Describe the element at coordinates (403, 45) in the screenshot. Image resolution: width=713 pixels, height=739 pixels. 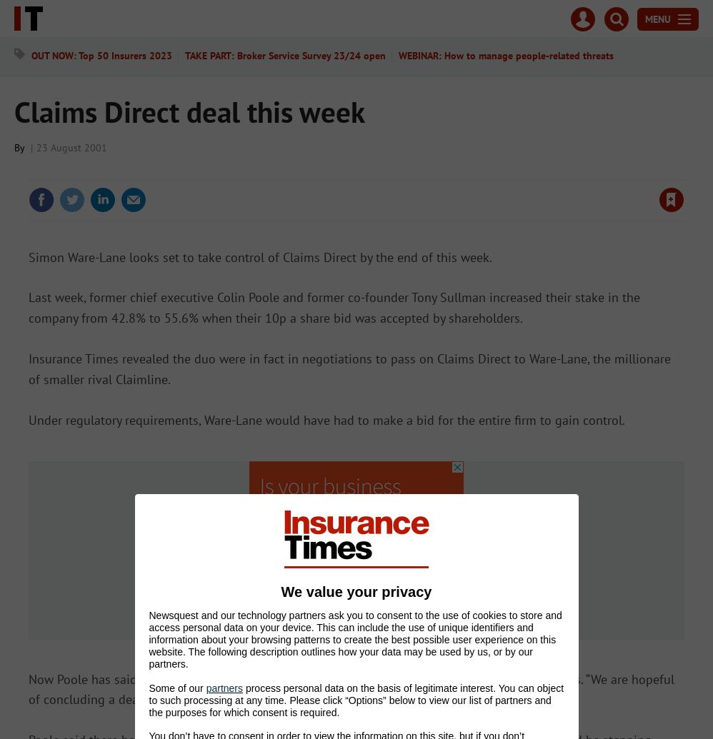
I see `'Register'` at that location.